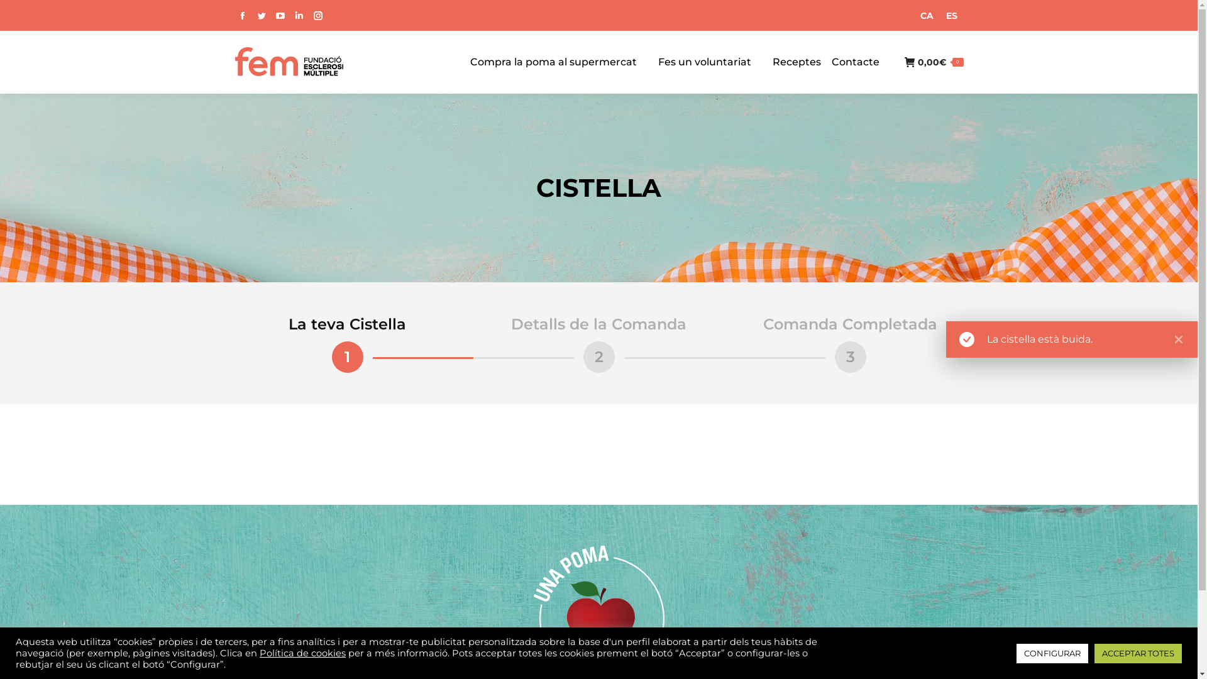  I want to click on 'ES', so click(939, 15).